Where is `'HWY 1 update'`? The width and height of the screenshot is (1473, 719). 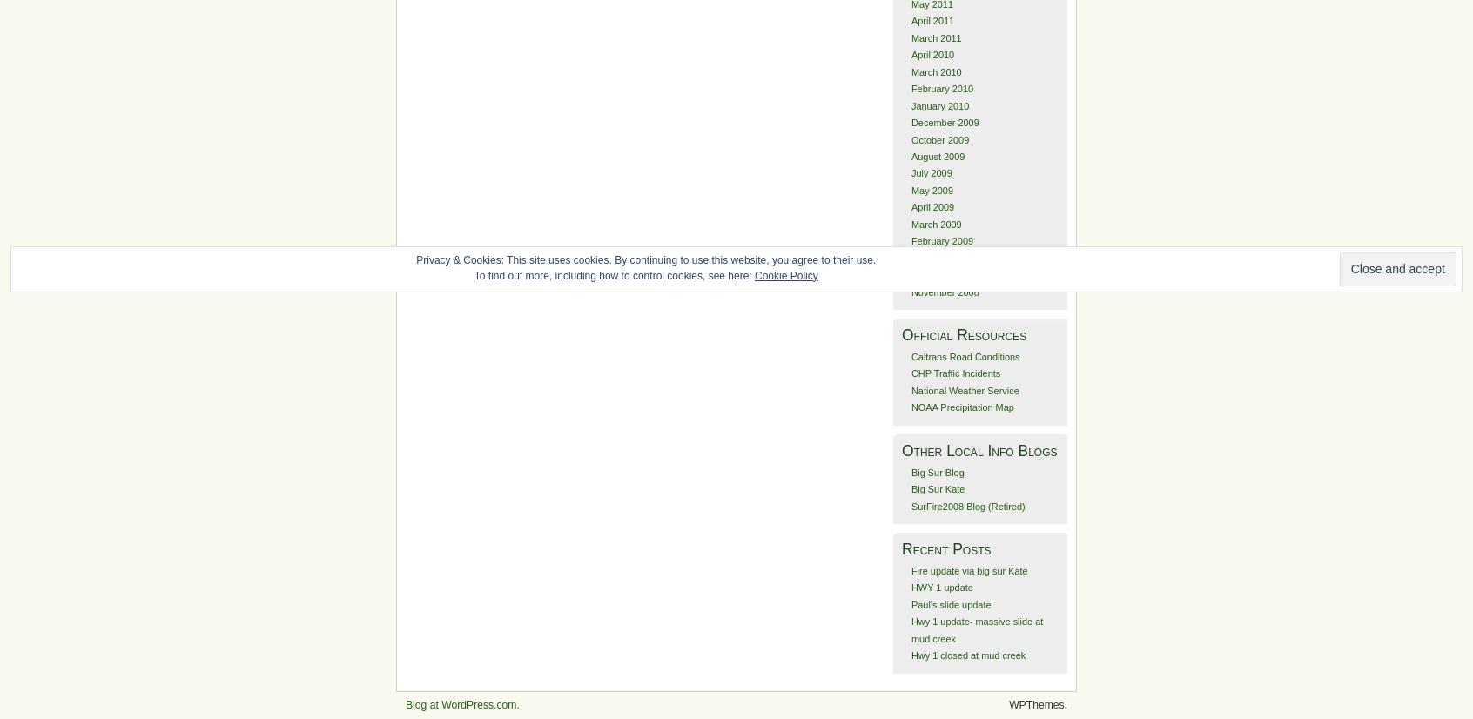 'HWY 1 update' is located at coordinates (943, 588).